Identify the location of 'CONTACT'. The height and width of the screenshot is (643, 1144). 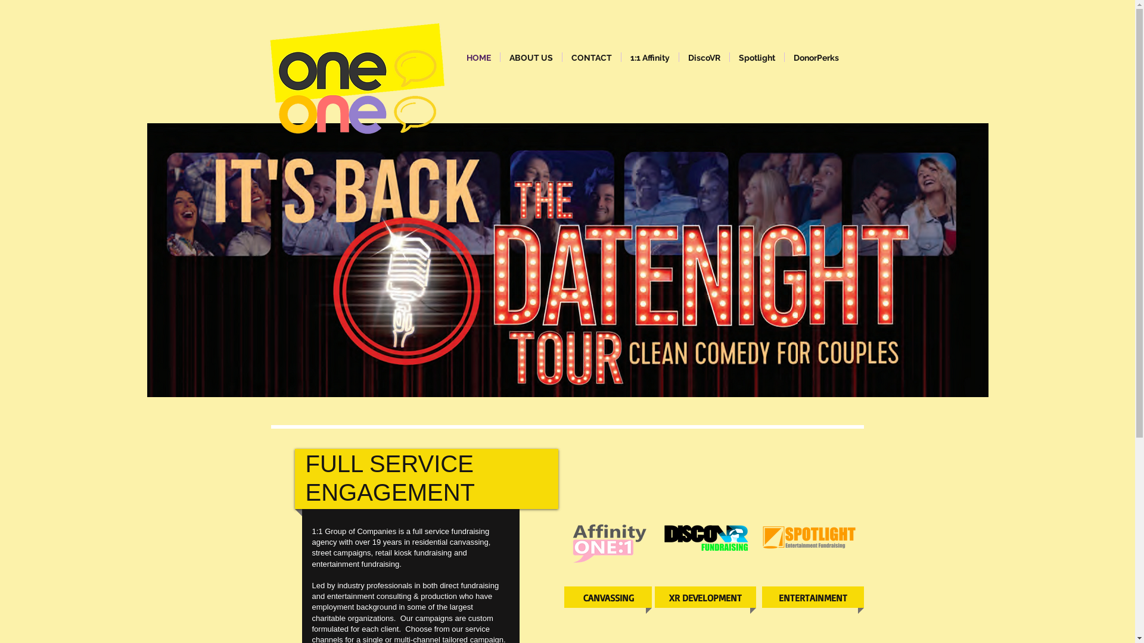
(562, 57).